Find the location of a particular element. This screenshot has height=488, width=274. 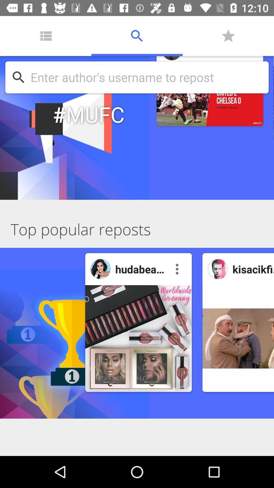

the repost is located at coordinates (238, 338).